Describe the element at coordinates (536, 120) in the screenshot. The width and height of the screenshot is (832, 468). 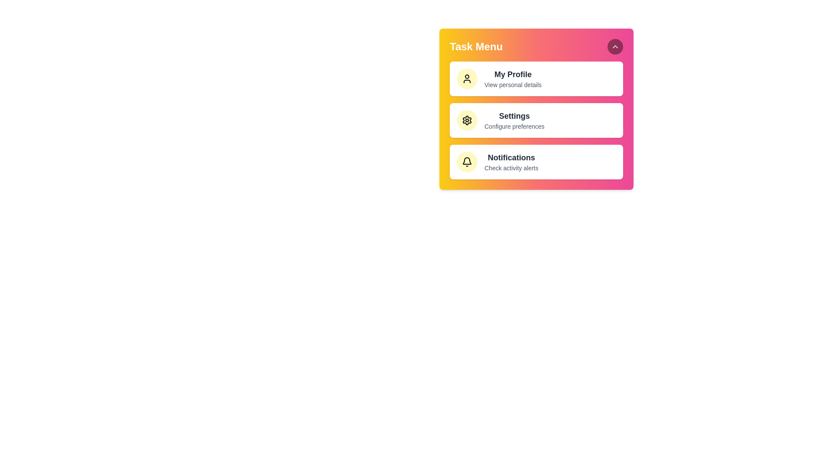
I see `the menu item Settings from the Task Menu` at that location.